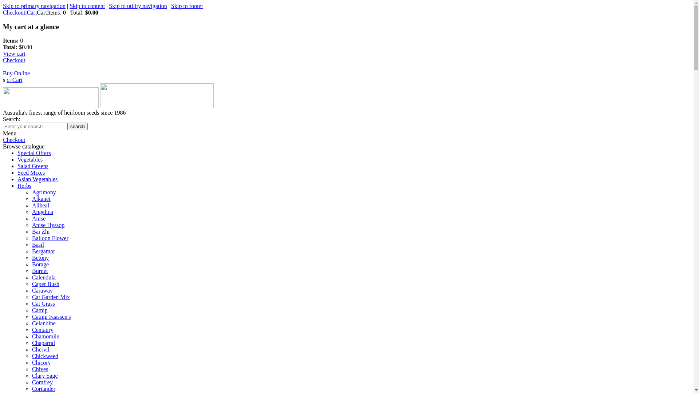  Describe the element at coordinates (31, 369) in the screenshot. I see `'Chives'` at that location.